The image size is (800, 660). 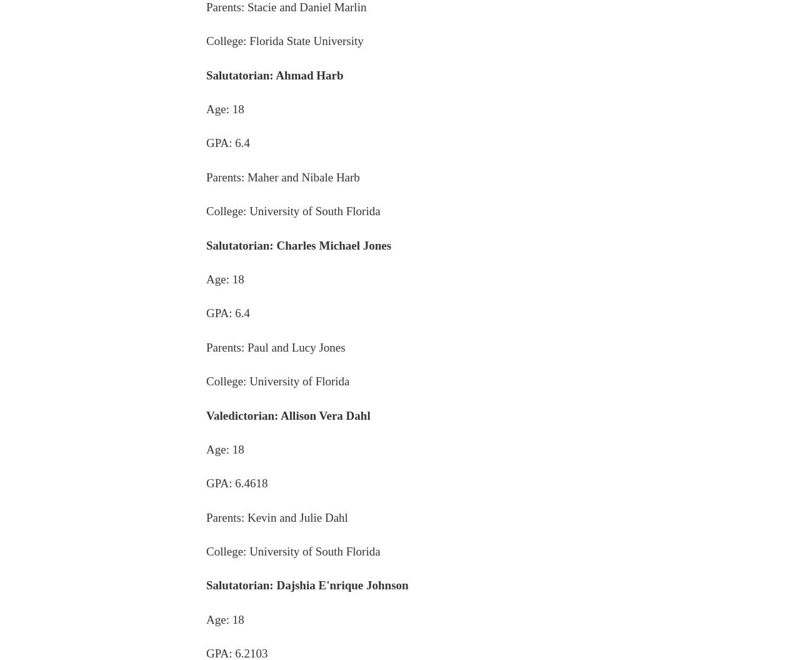 I want to click on 'Home delivery', so click(x=168, y=506).